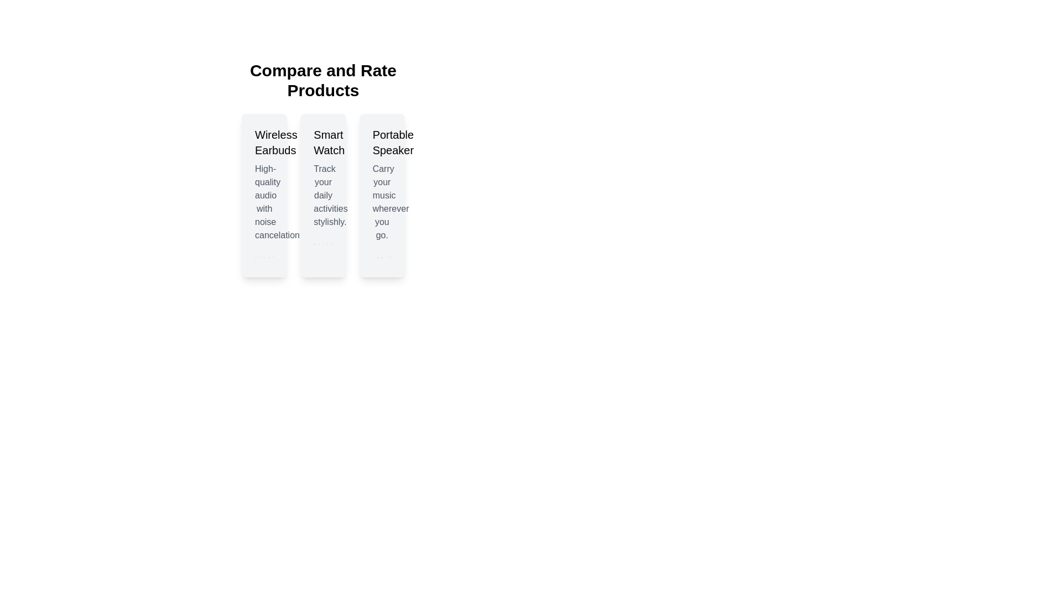 The image size is (1062, 597). Describe the element at coordinates (382, 195) in the screenshot. I see `the product card for Portable Speaker` at that location.